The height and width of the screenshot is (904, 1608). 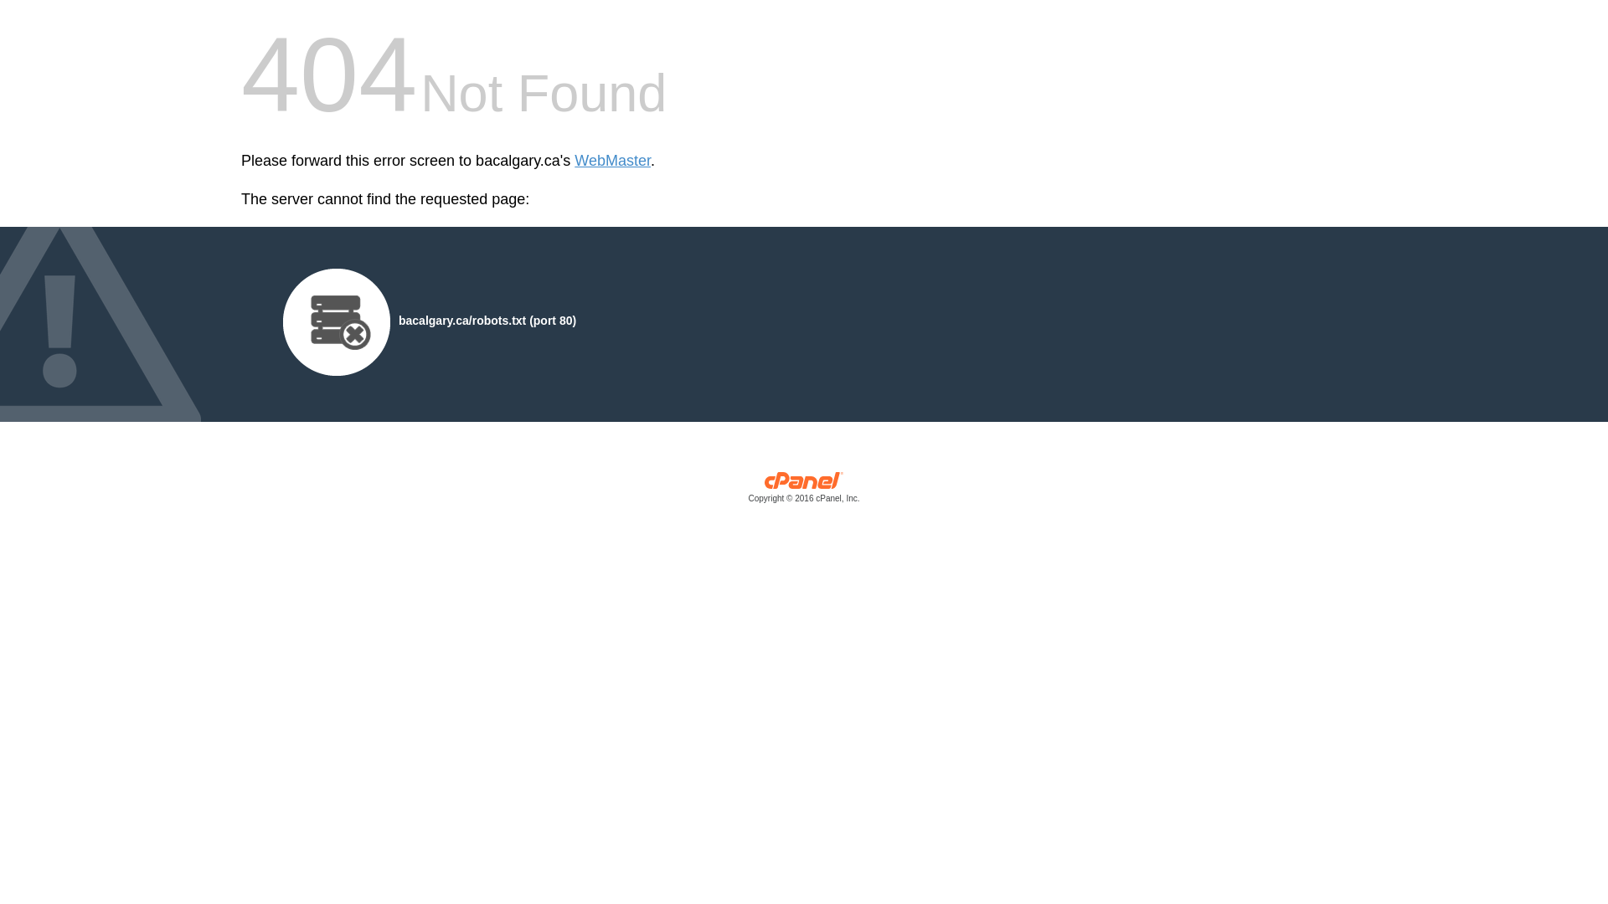 I want to click on 'WebMaster', so click(x=611, y=161).